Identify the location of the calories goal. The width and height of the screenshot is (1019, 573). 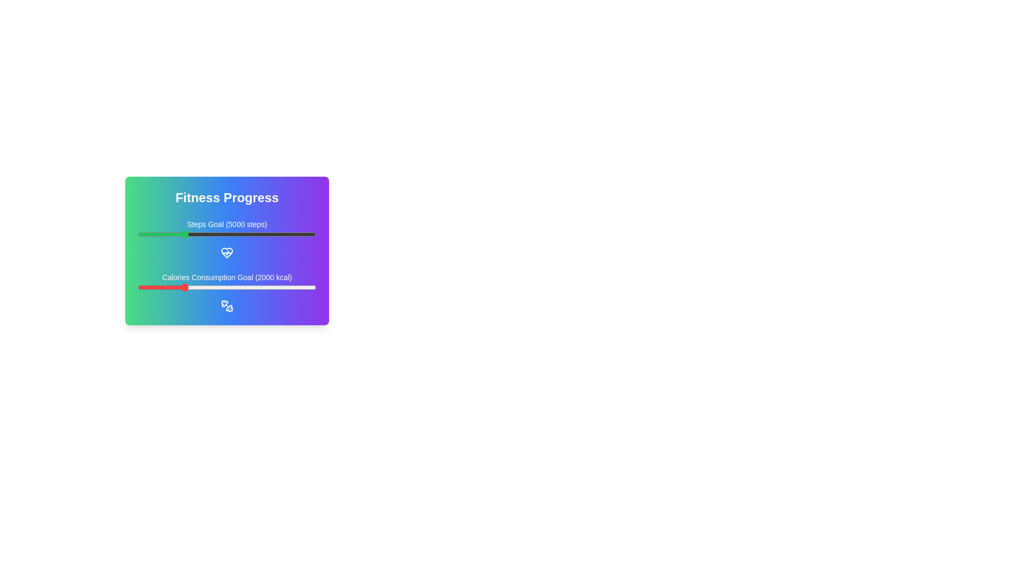
(173, 288).